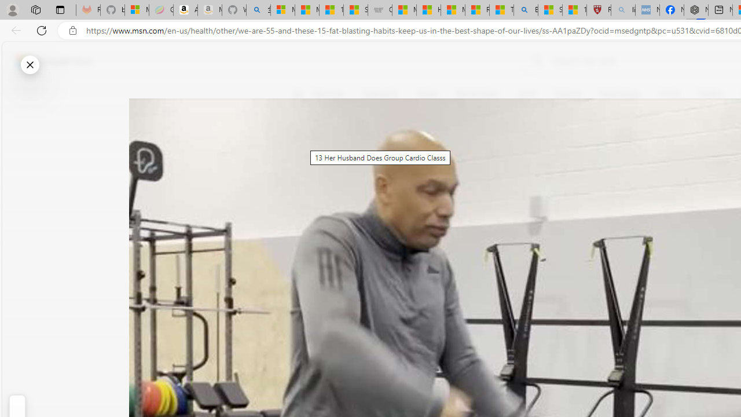 This screenshot has height=417, width=741. I want to click on 'Robert H. Shmerling, MD - Harvard Health', so click(599, 10).